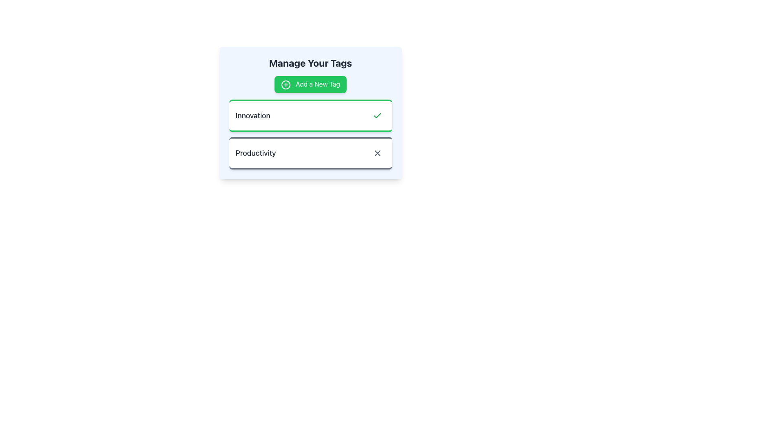 This screenshot has width=782, height=439. Describe the element at coordinates (377, 115) in the screenshot. I see `the icon that serves as a visual indicator for selecting or confirming the 'Innovation' tag, located on the right side of the 'Innovation' tag within the 'Manage Your Tags' interface` at that location.